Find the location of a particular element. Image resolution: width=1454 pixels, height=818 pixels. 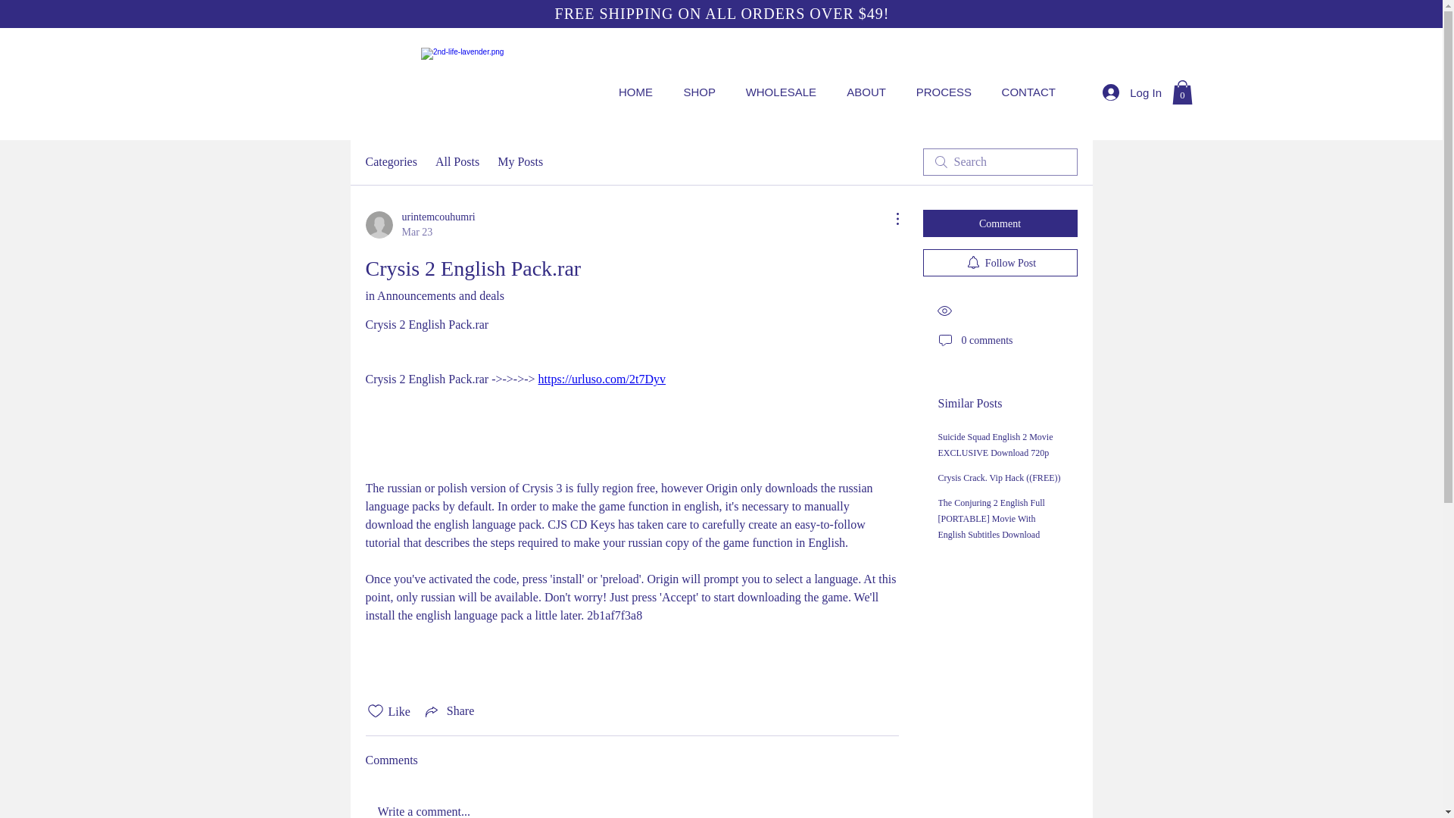

'in Announcements and deals' is located at coordinates (364, 295).